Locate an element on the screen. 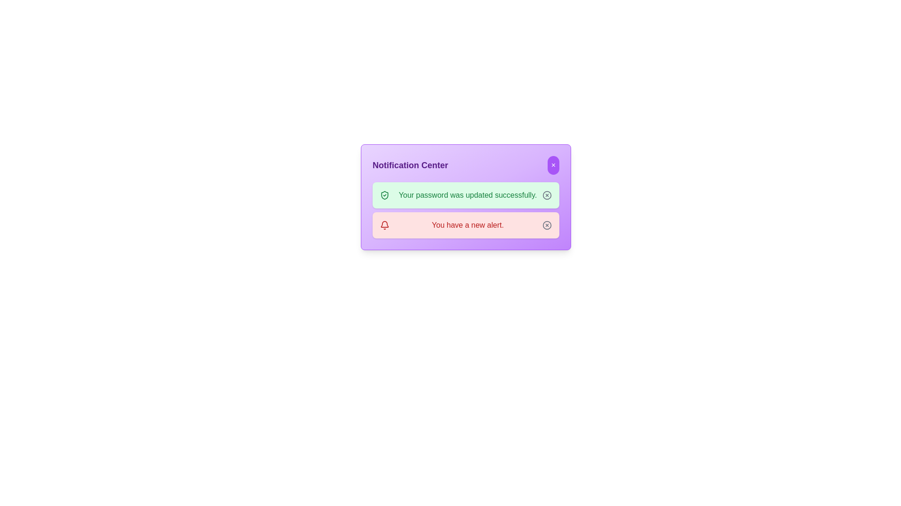  the notification box that indicates a new alert, positioned below the green notification about a successful password update is located at coordinates (466, 225).